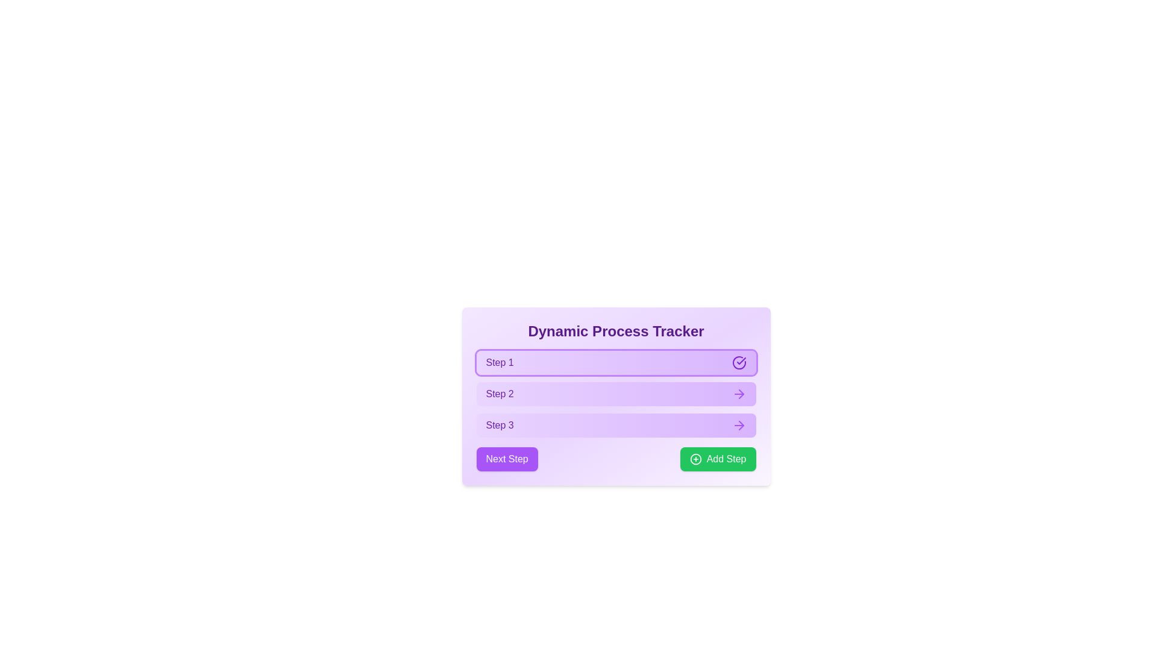 This screenshot has width=1157, height=651. Describe the element at coordinates (738, 424) in the screenshot. I see `the right-facing arrow icon with a gradient color transitioning to purple, located at the right-hand side of the 'Step 3' section, to proceed to the next step` at that location.